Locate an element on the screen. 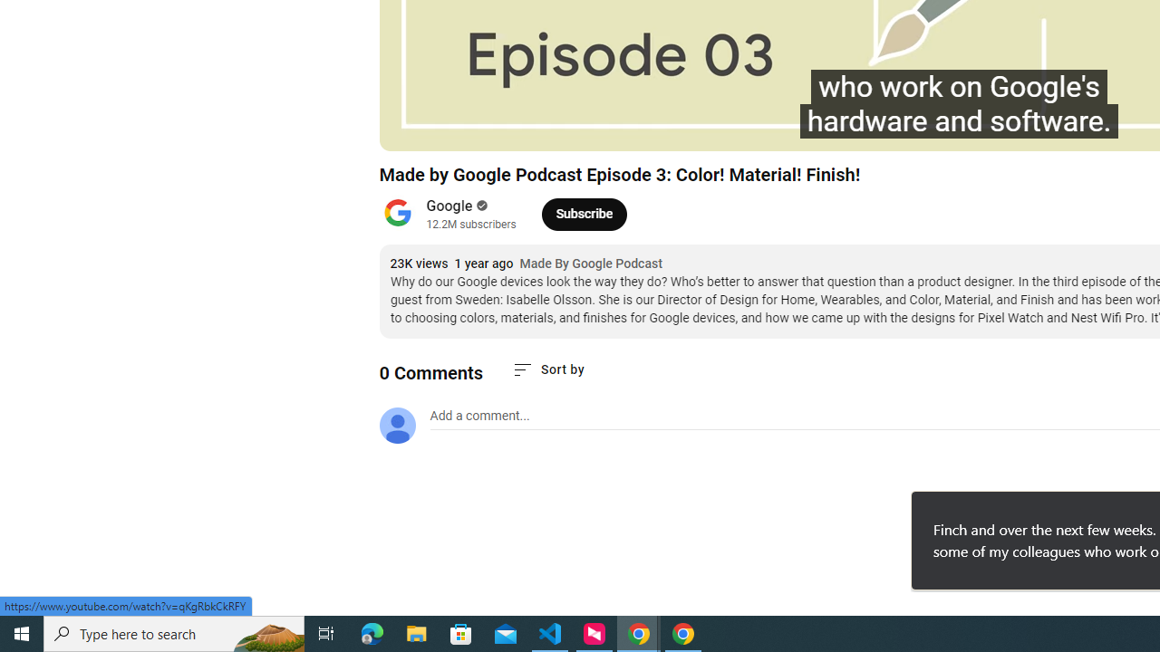 Image resolution: width=1160 pixels, height=652 pixels. 'Sort comments' is located at coordinates (546, 369).